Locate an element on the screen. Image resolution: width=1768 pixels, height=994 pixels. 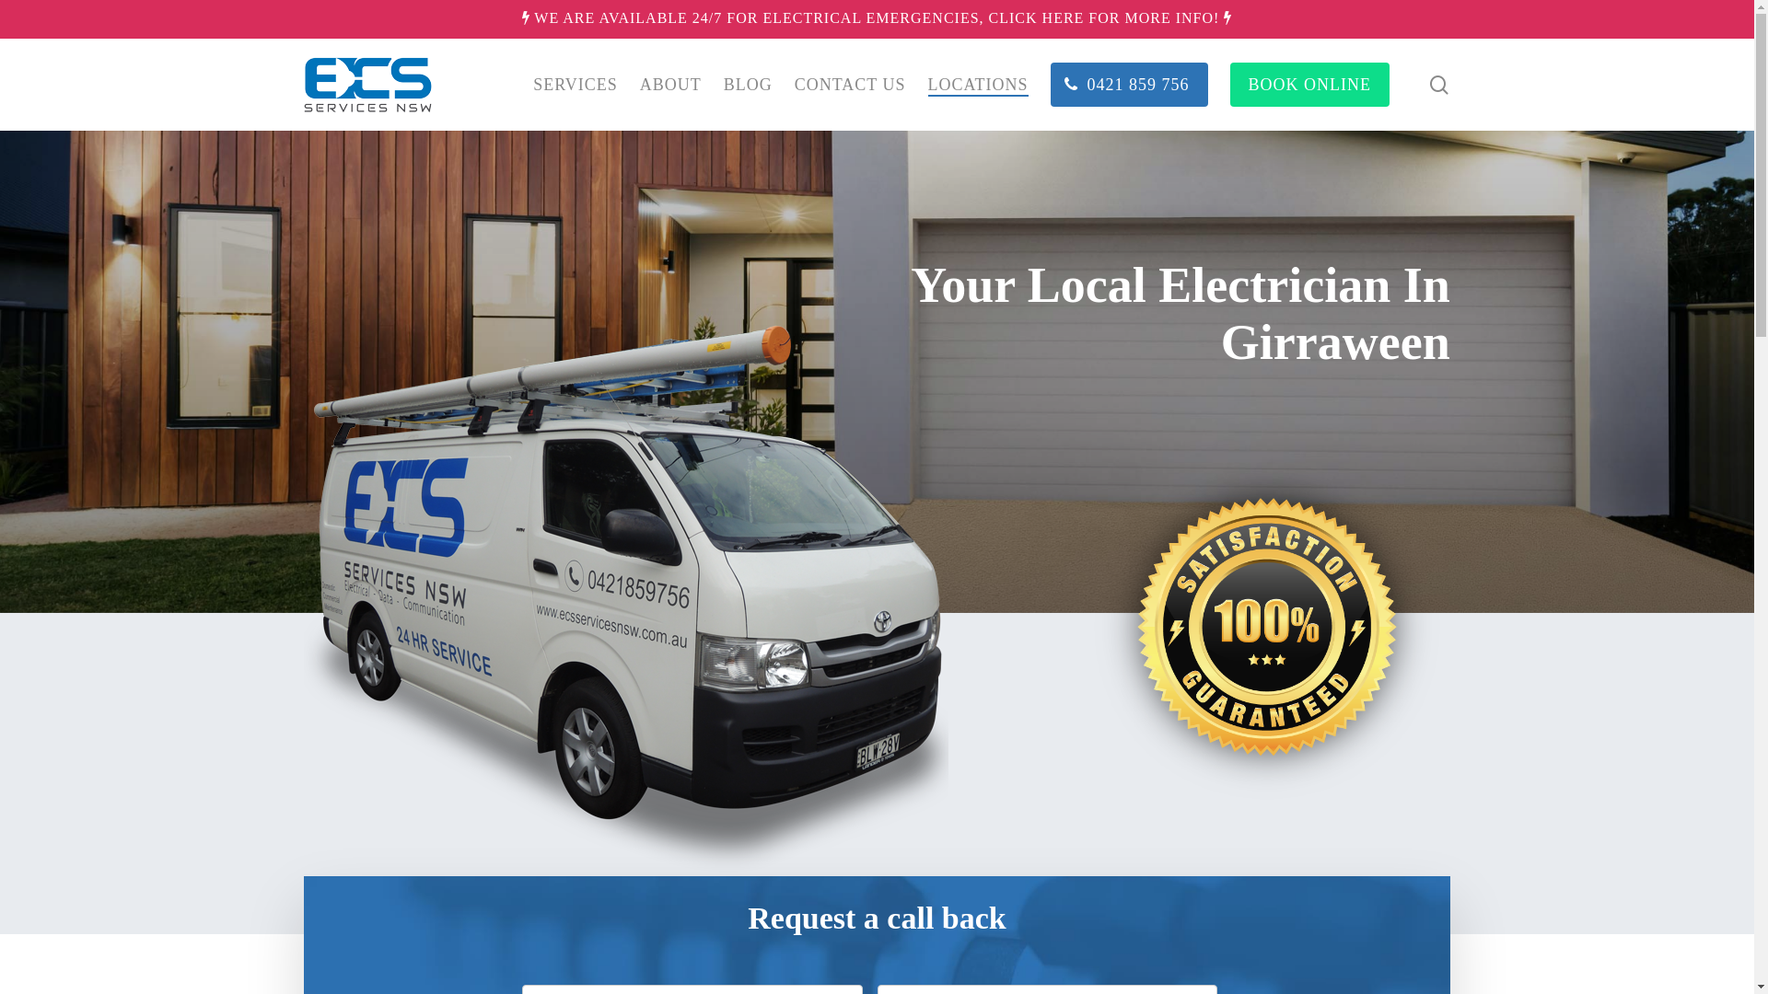
'BOOK ONLINE' is located at coordinates (1309, 85).